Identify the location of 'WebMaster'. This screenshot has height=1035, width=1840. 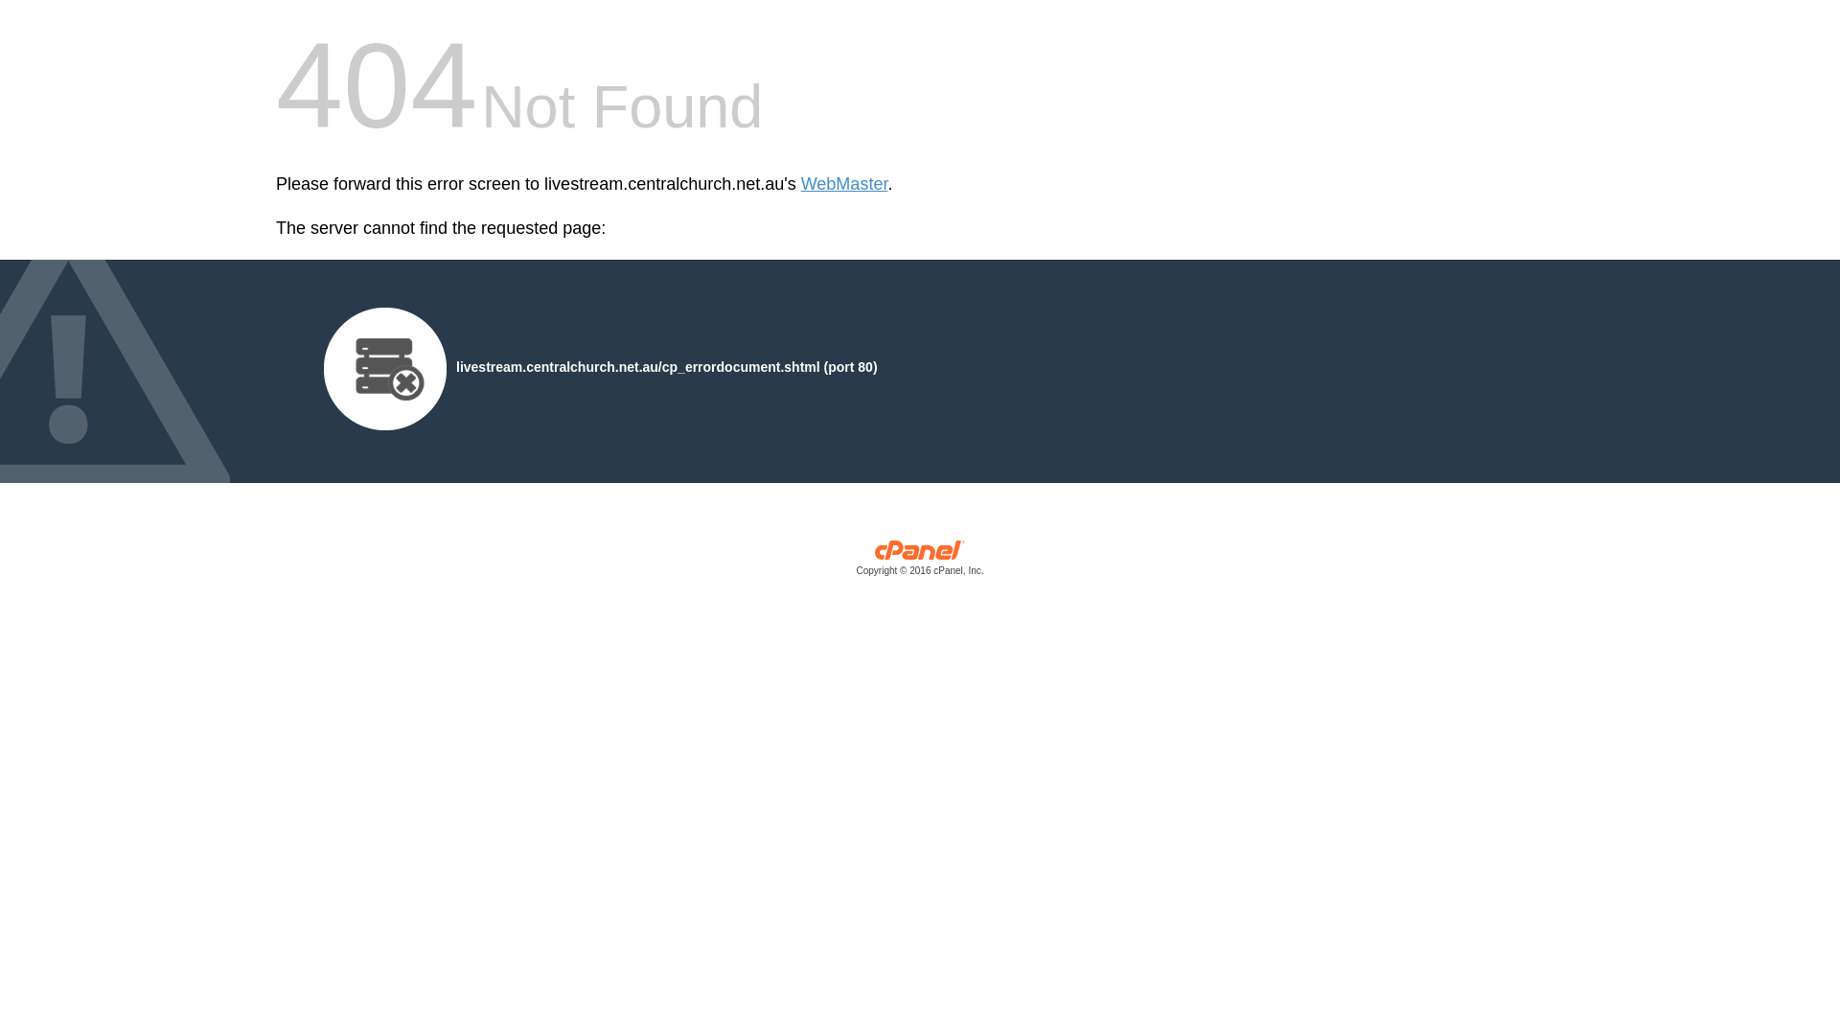
(843, 184).